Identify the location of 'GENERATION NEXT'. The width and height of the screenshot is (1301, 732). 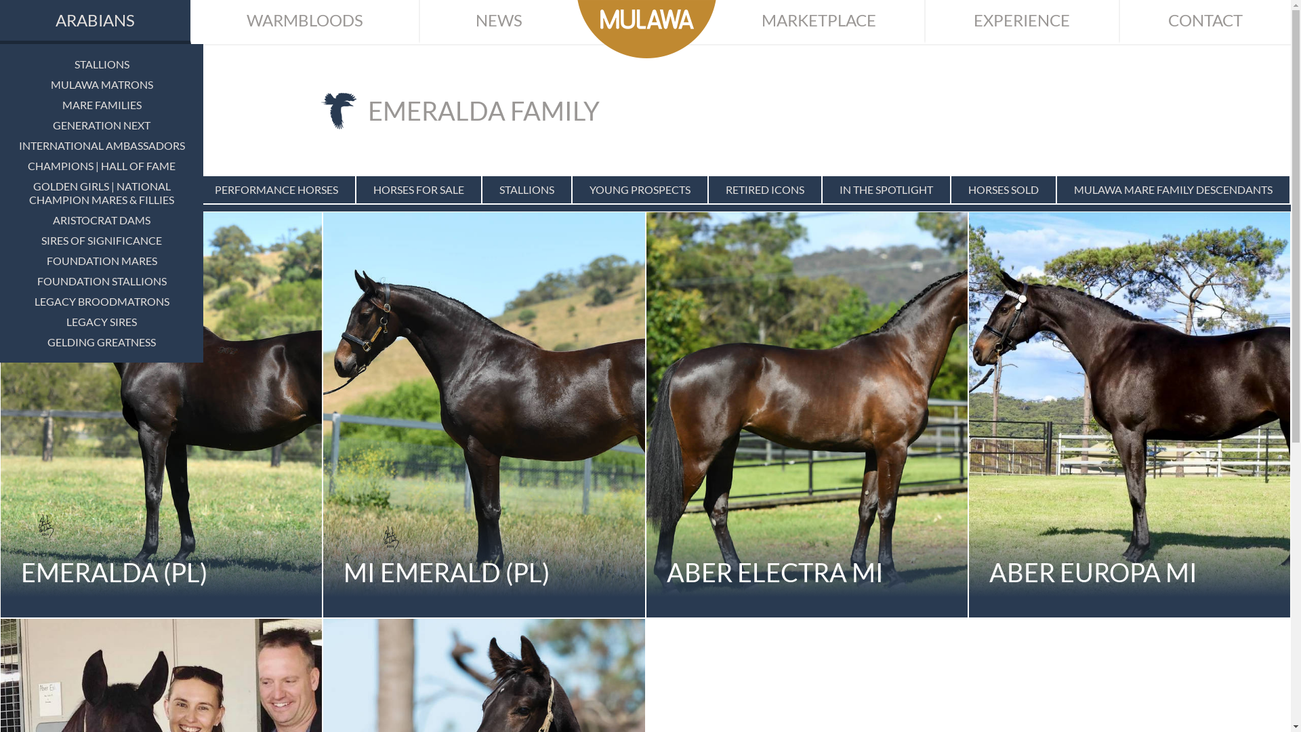
(100, 125).